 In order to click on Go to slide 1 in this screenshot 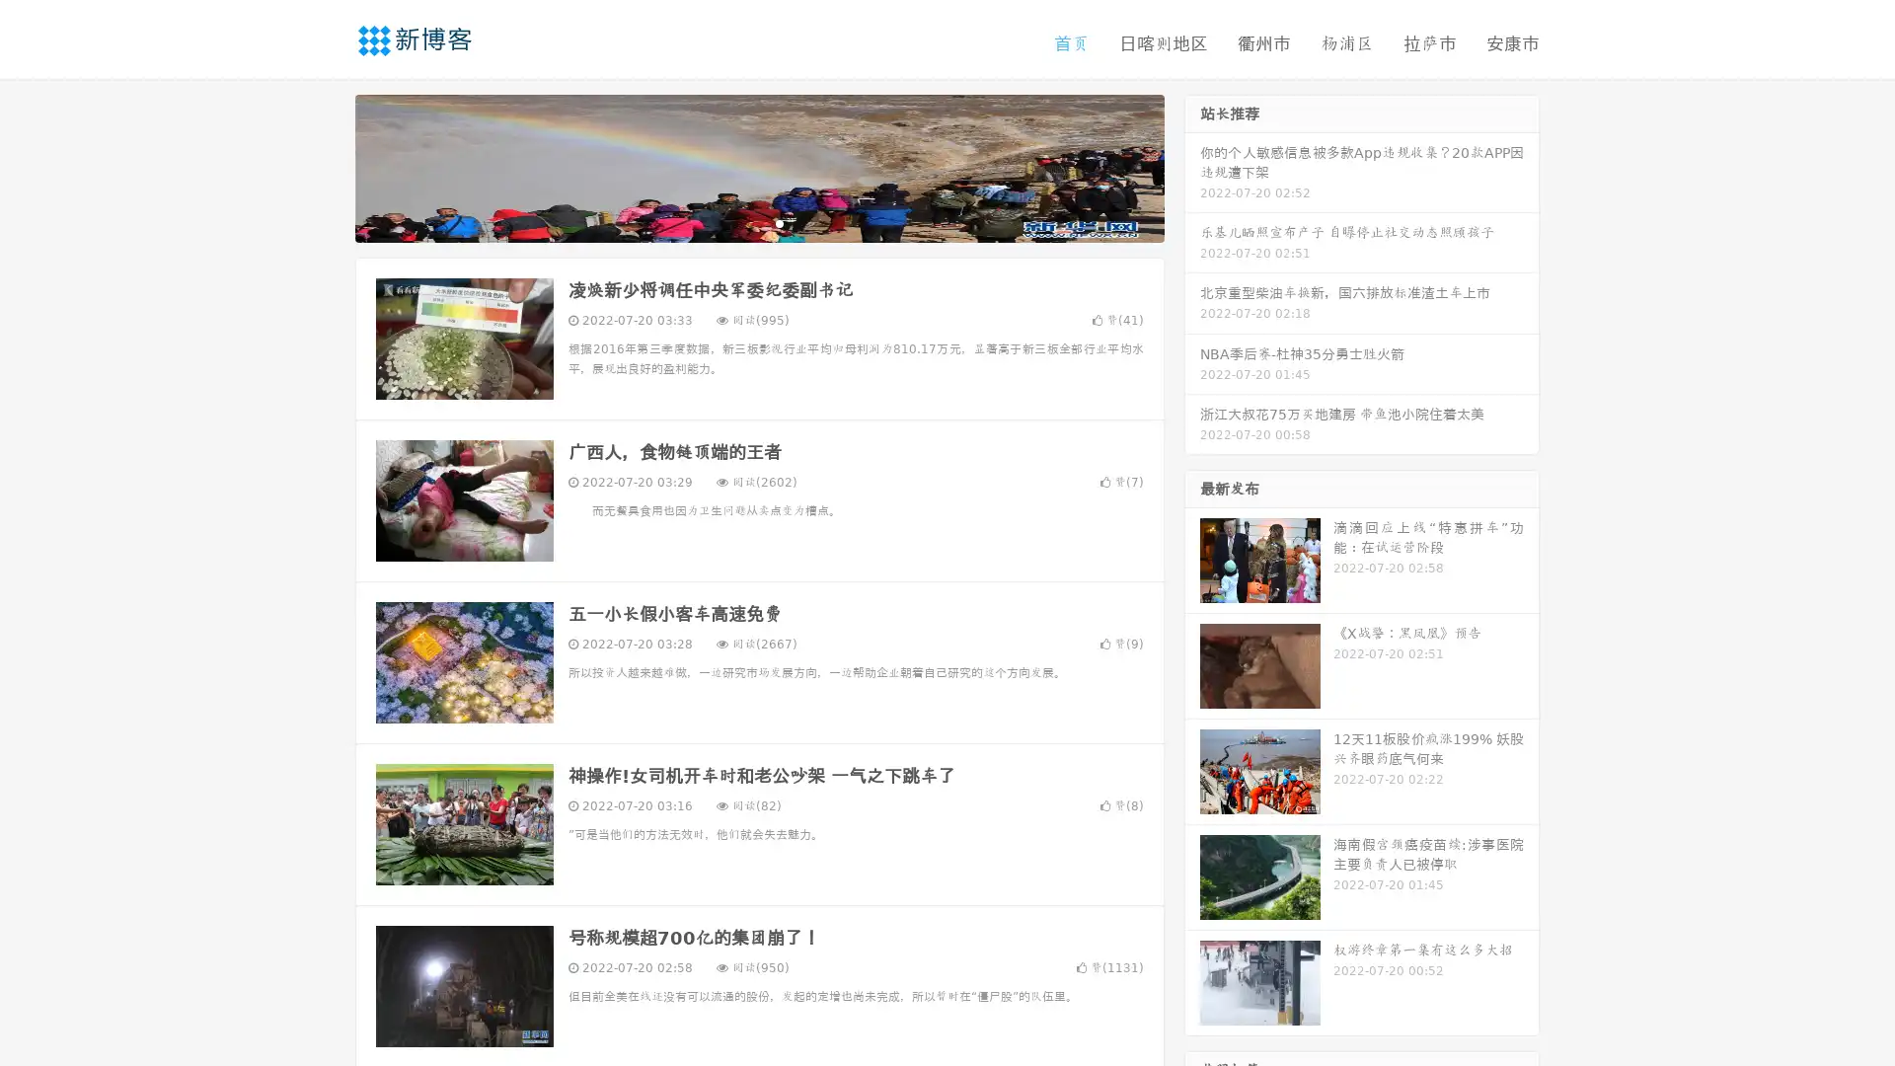, I will do `click(738, 222)`.